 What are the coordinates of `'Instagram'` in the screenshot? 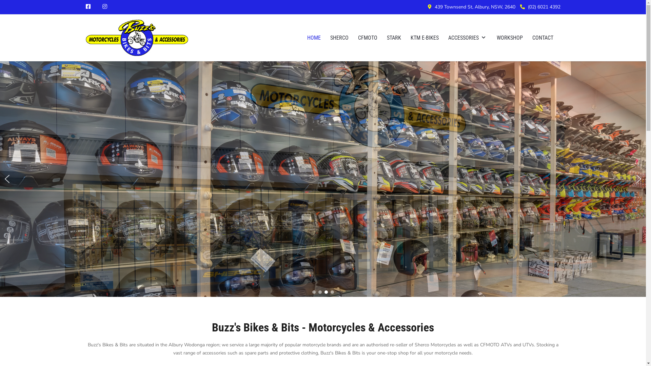 It's located at (104, 6).